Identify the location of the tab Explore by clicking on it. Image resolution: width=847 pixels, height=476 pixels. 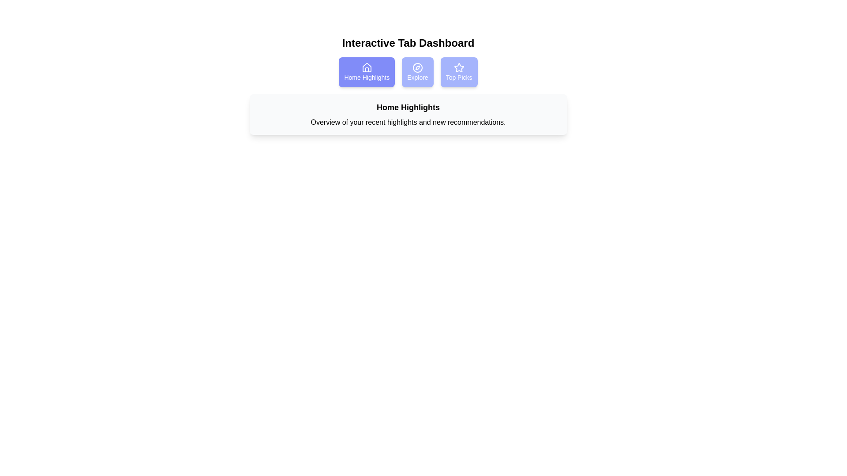
(417, 72).